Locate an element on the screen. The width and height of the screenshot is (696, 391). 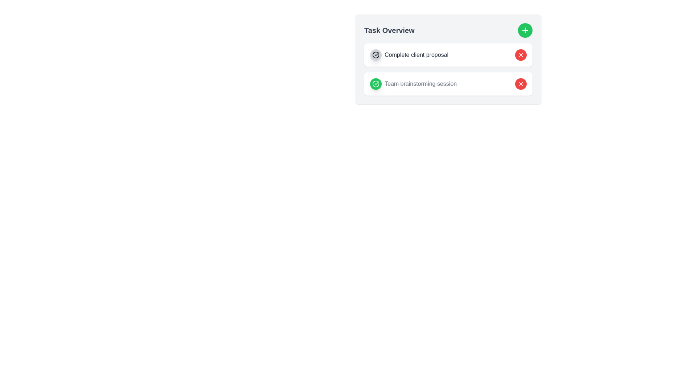
text label indicating the completed task within the task list, which is styled with a strikethrough and positioned between a green checkmark and a red delete button is located at coordinates (420, 83).